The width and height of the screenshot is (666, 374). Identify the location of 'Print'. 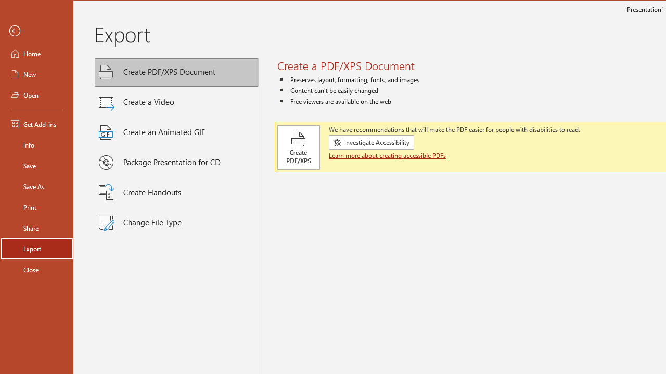
(37, 207).